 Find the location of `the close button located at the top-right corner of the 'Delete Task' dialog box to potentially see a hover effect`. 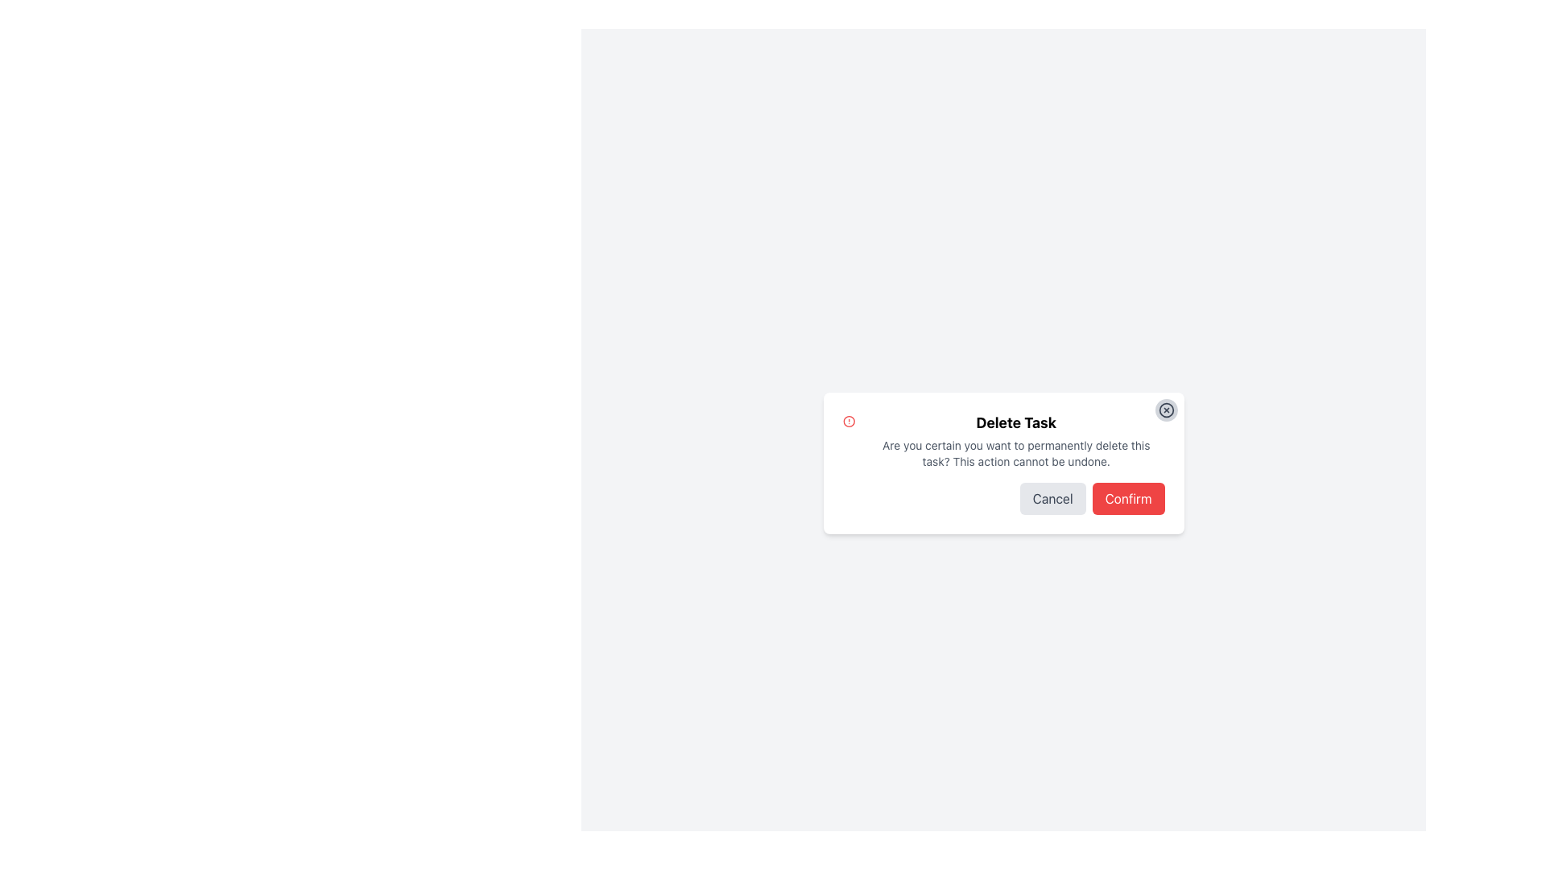

the close button located at the top-right corner of the 'Delete Task' dialog box to potentially see a hover effect is located at coordinates (1166, 409).